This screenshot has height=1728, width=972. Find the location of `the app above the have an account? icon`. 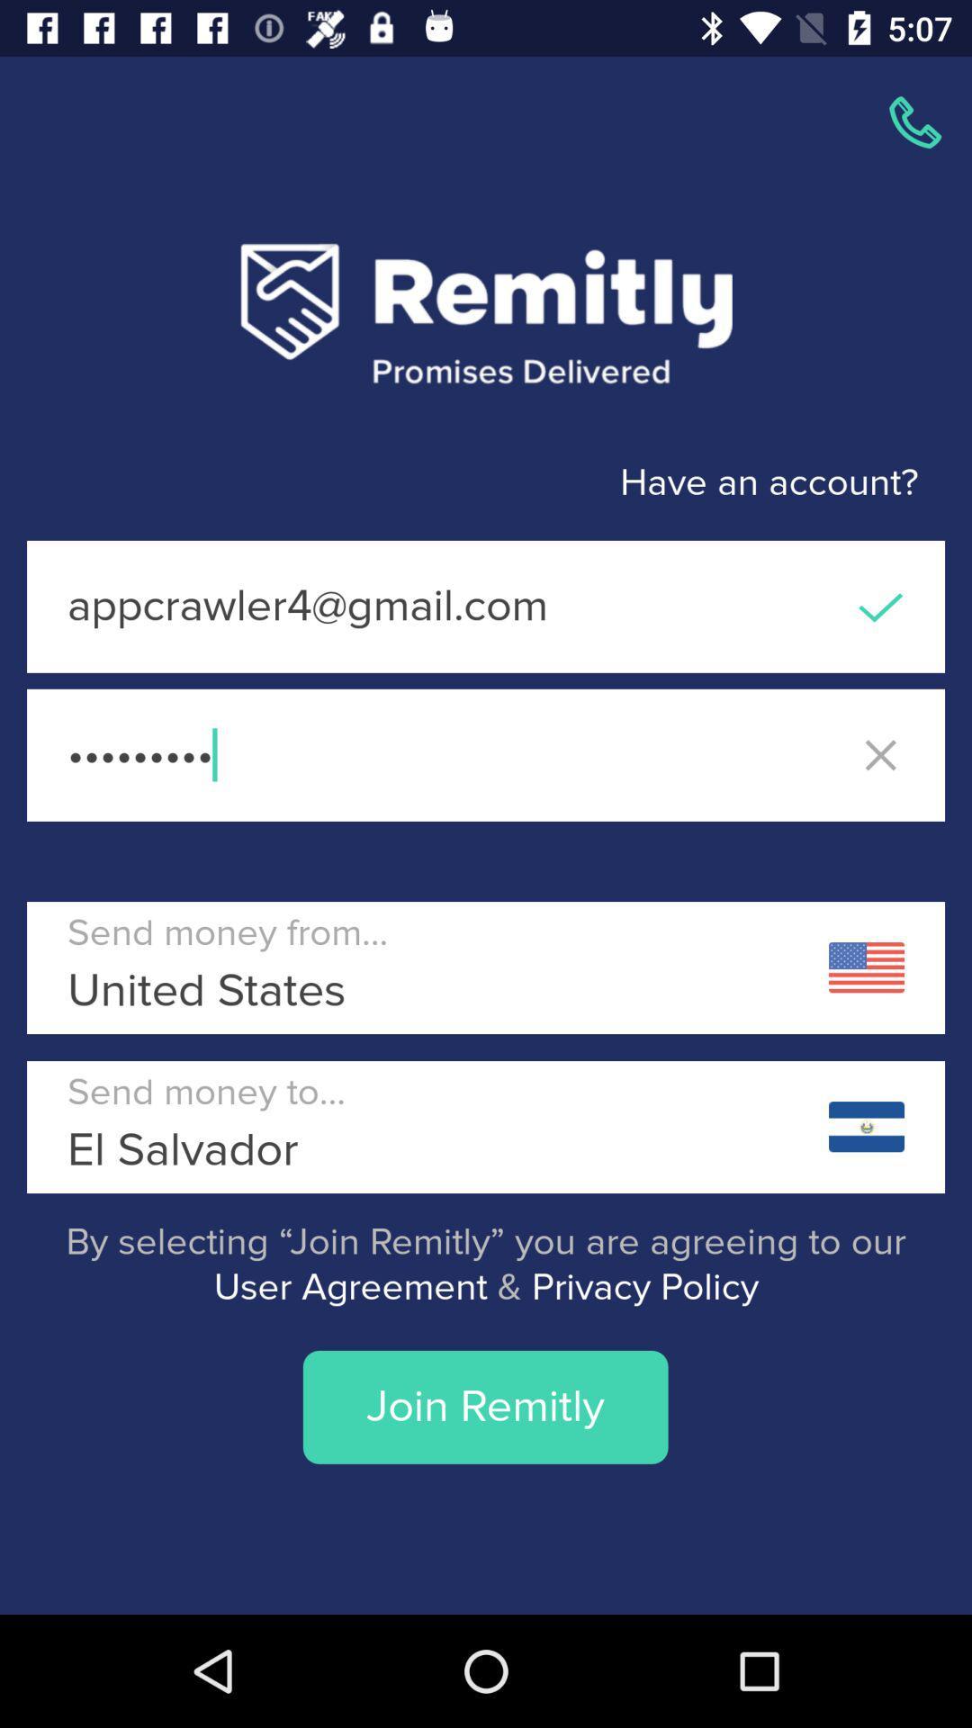

the app above the have an account? icon is located at coordinates (915, 121).